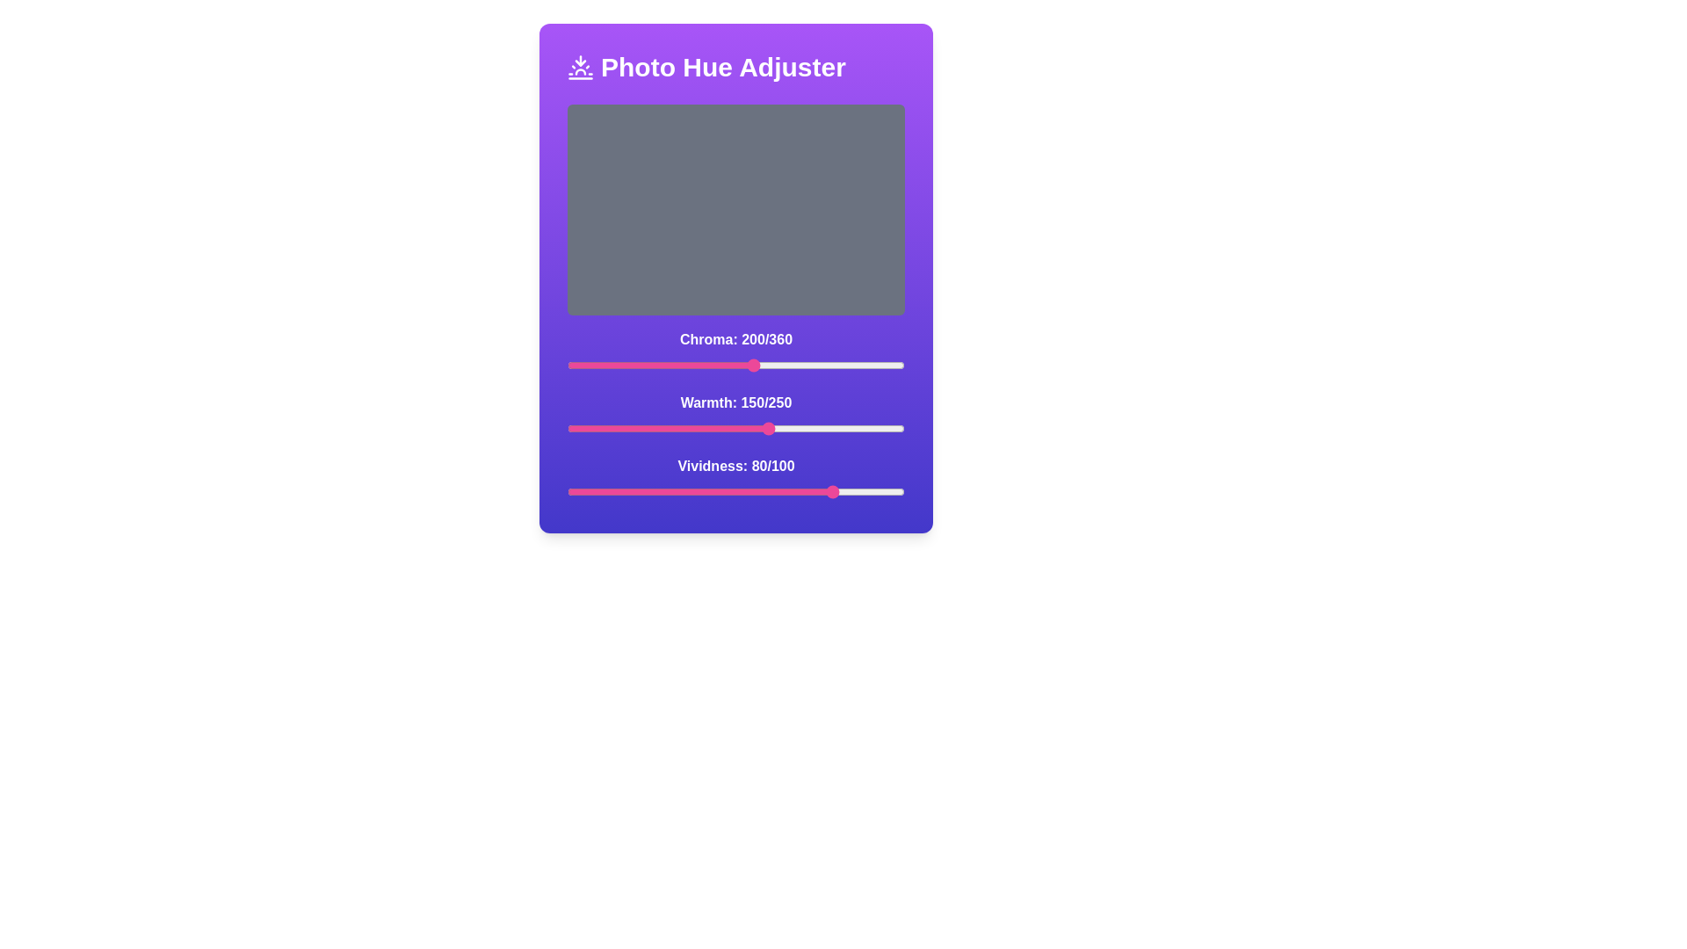 This screenshot has width=1687, height=949. I want to click on the vividness slider to 93 value, so click(881, 491).